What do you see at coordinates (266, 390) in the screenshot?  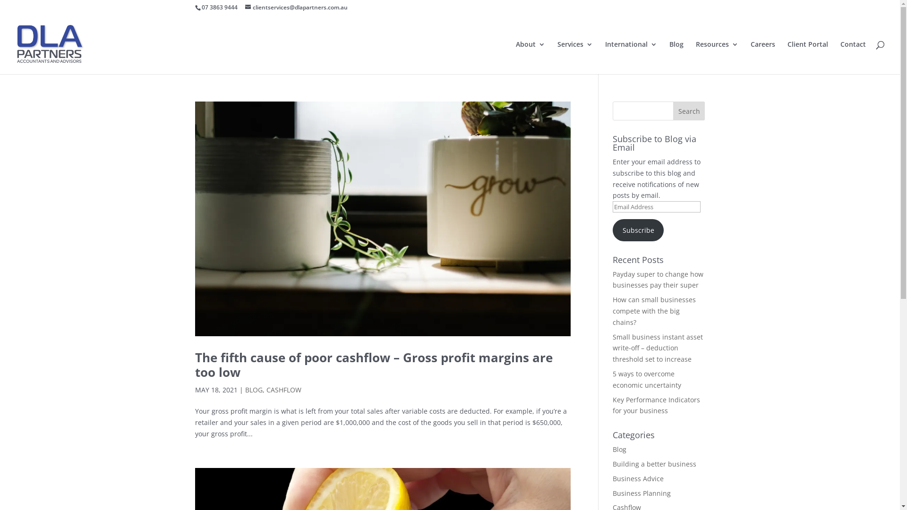 I see `'CASHFLOW'` at bounding box center [266, 390].